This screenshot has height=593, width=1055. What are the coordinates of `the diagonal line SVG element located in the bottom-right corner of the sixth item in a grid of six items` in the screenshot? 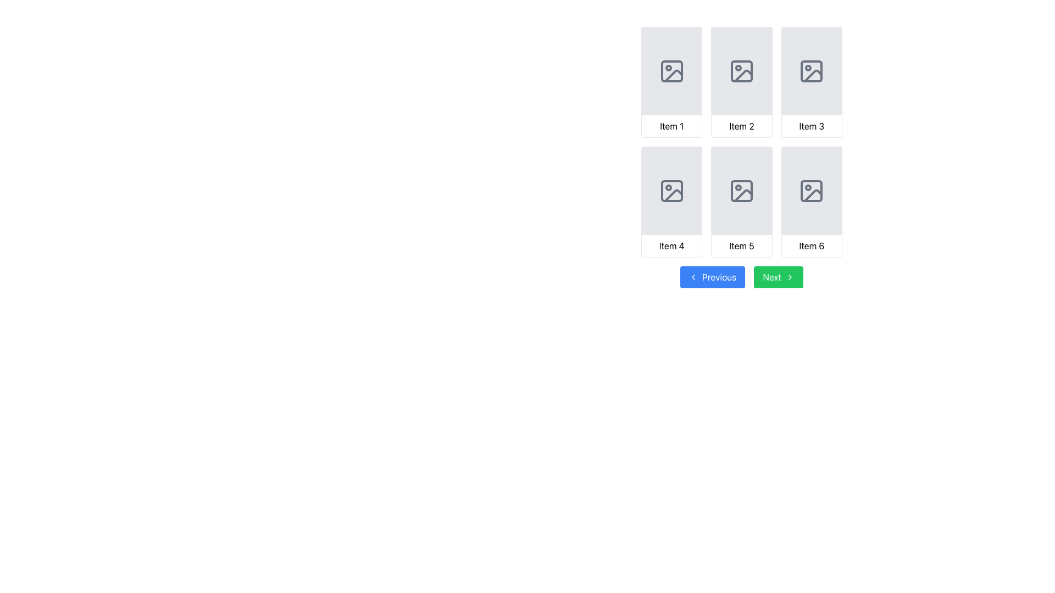 It's located at (813, 195).